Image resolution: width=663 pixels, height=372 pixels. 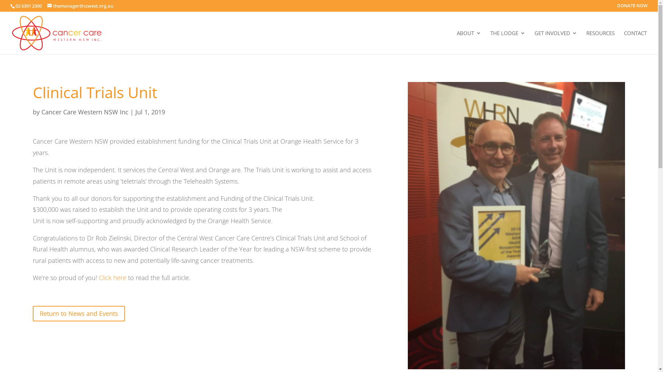 I want to click on 'Click here', so click(x=113, y=277).